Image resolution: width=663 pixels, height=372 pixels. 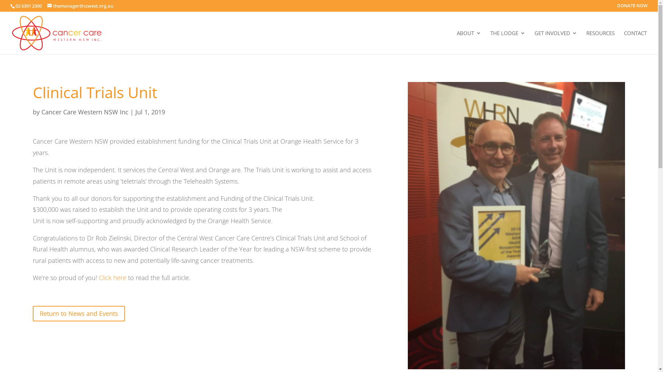 I want to click on 'Click here', so click(x=113, y=277).